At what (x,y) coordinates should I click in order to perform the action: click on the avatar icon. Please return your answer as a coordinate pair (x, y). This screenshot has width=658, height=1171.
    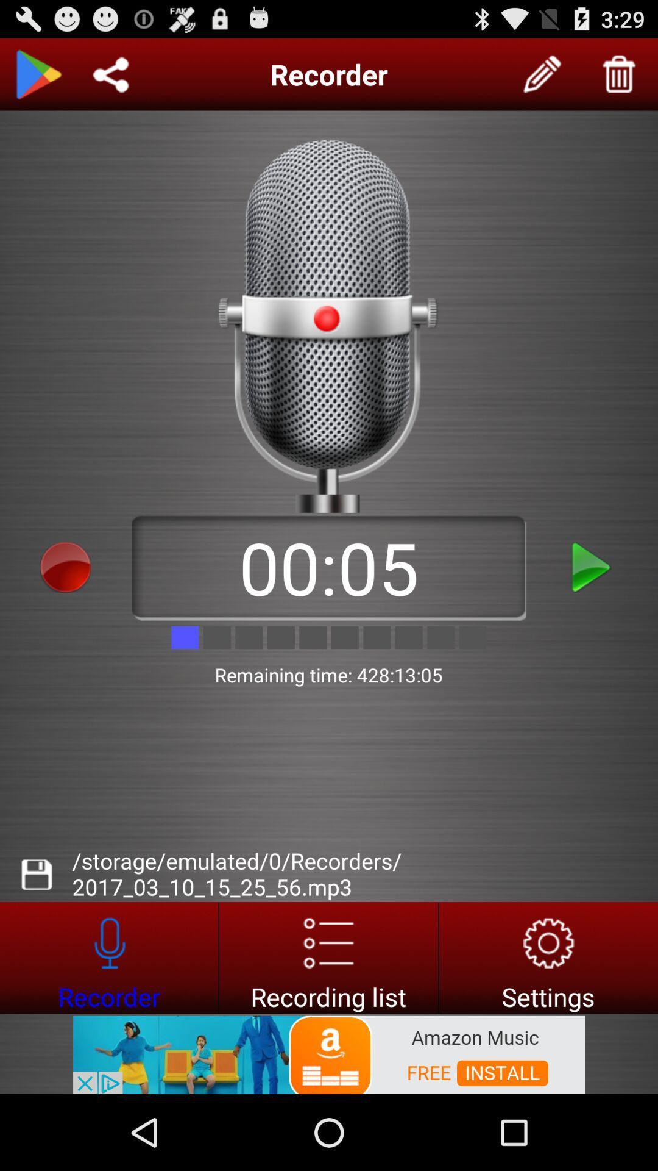
    Looking at the image, I should click on (66, 607).